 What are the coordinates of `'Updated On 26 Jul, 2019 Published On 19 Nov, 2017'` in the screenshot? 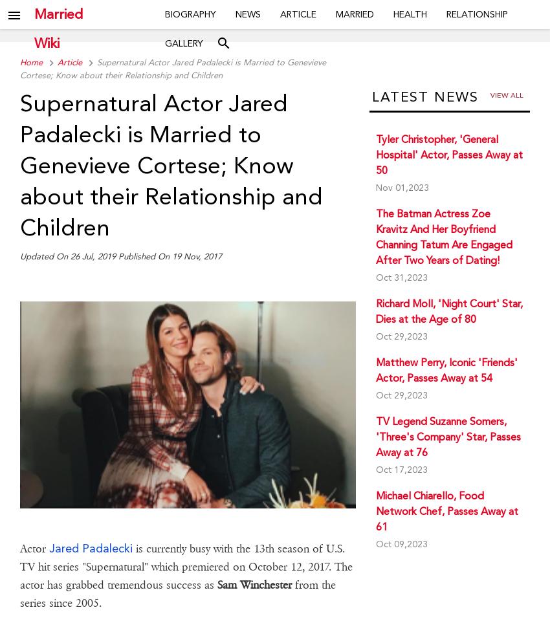 It's located at (119, 256).